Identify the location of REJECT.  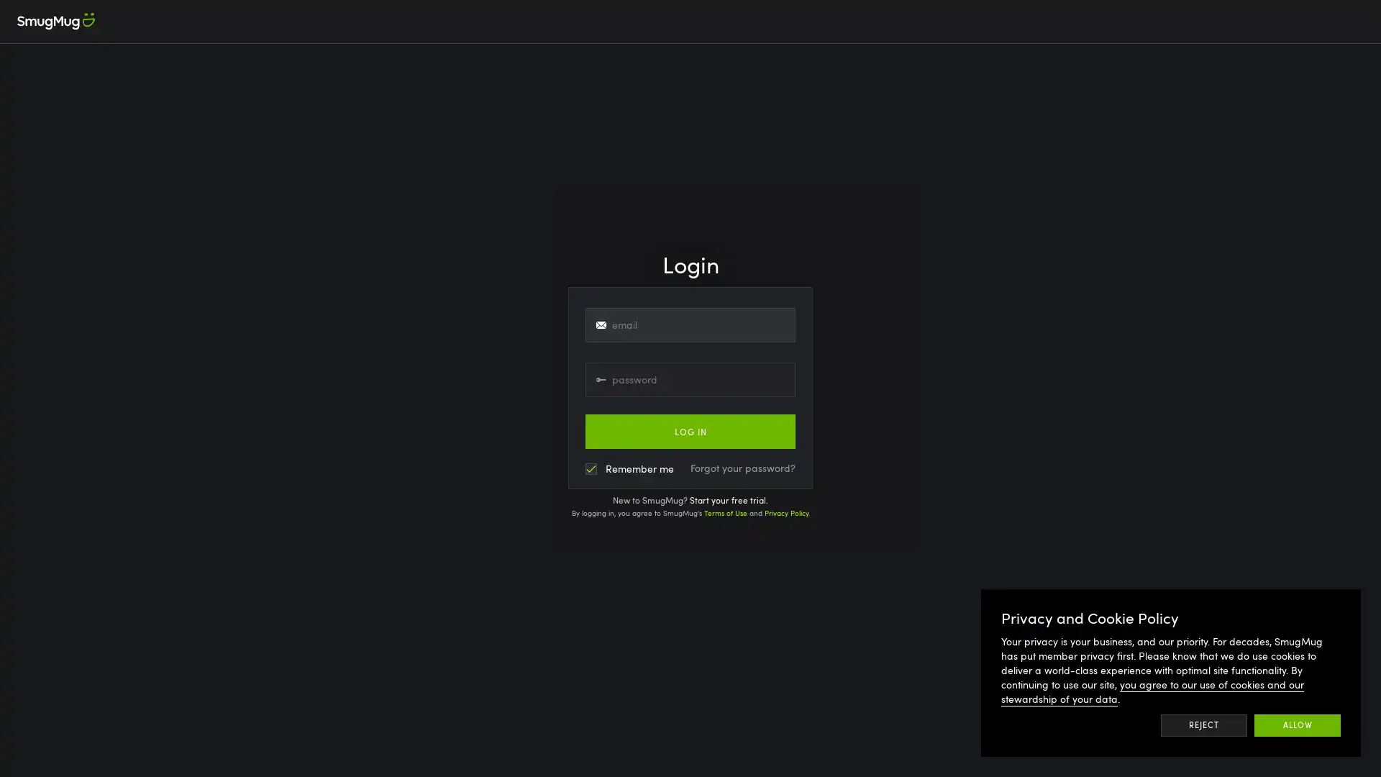
(1203, 724).